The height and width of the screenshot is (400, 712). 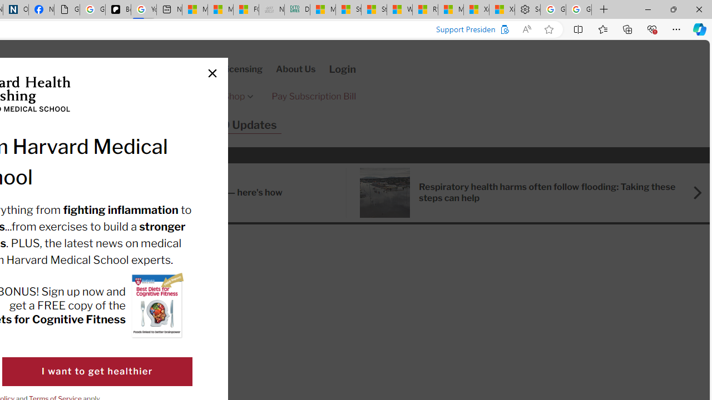 I want to click on 'Be Smart | creating Science videos | Patreon', so click(x=118, y=9).